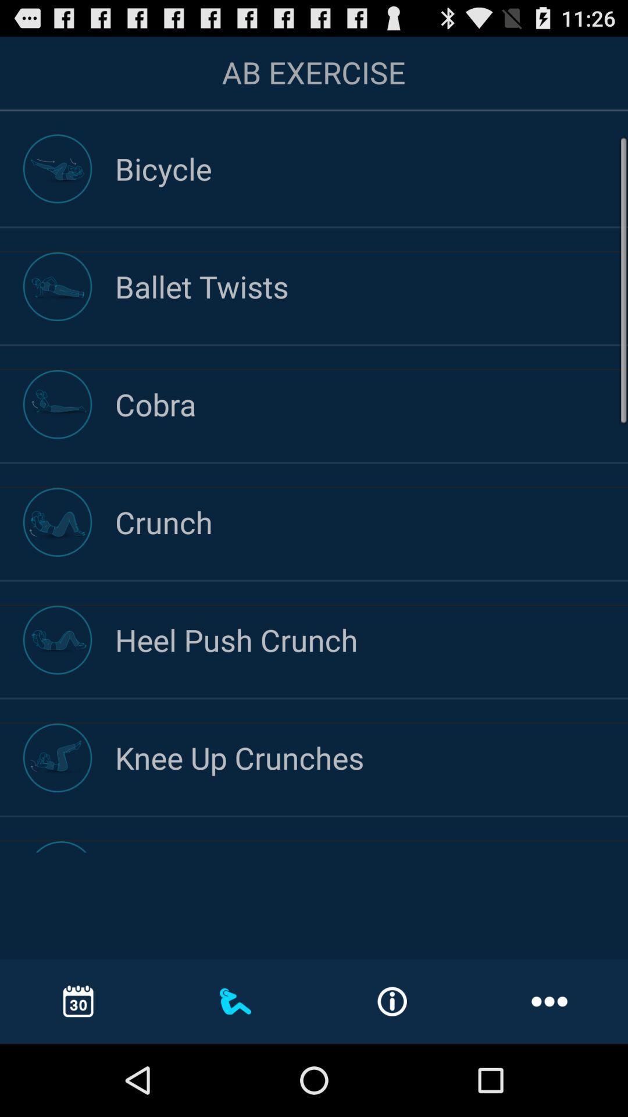 The image size is (628, 1117). I want to click on heel push crunch app, so click(372, 639).